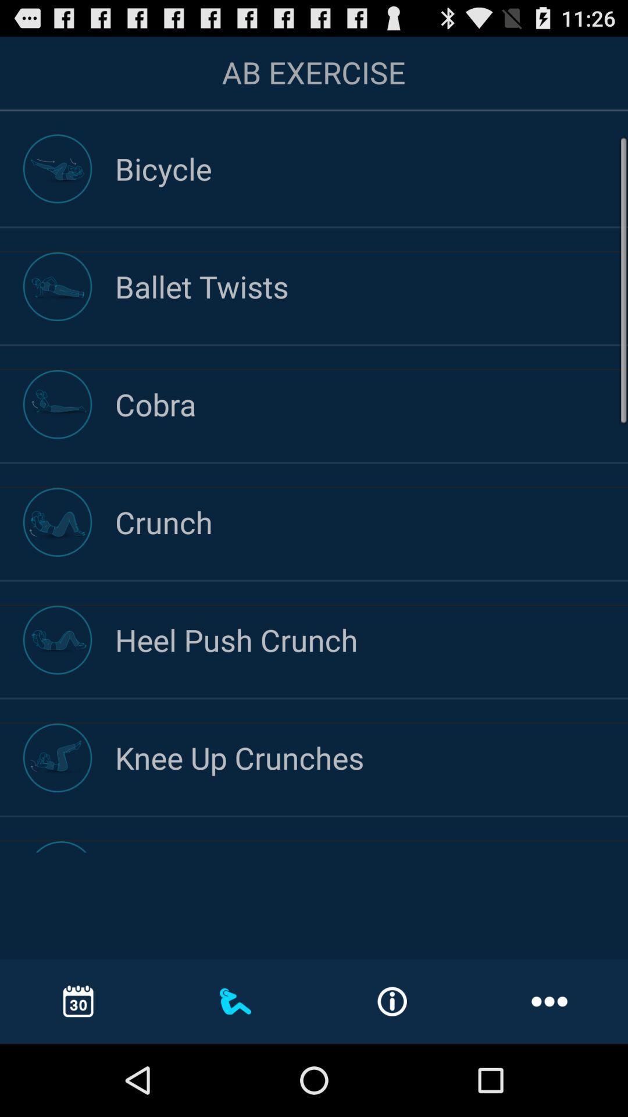 The image size is (628, 1117). I want to click on heel push crunch app, so click(372, 639).